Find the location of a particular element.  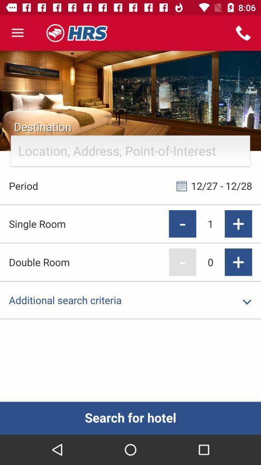

the call icon on top right corner is located at coordinates (243, 33).